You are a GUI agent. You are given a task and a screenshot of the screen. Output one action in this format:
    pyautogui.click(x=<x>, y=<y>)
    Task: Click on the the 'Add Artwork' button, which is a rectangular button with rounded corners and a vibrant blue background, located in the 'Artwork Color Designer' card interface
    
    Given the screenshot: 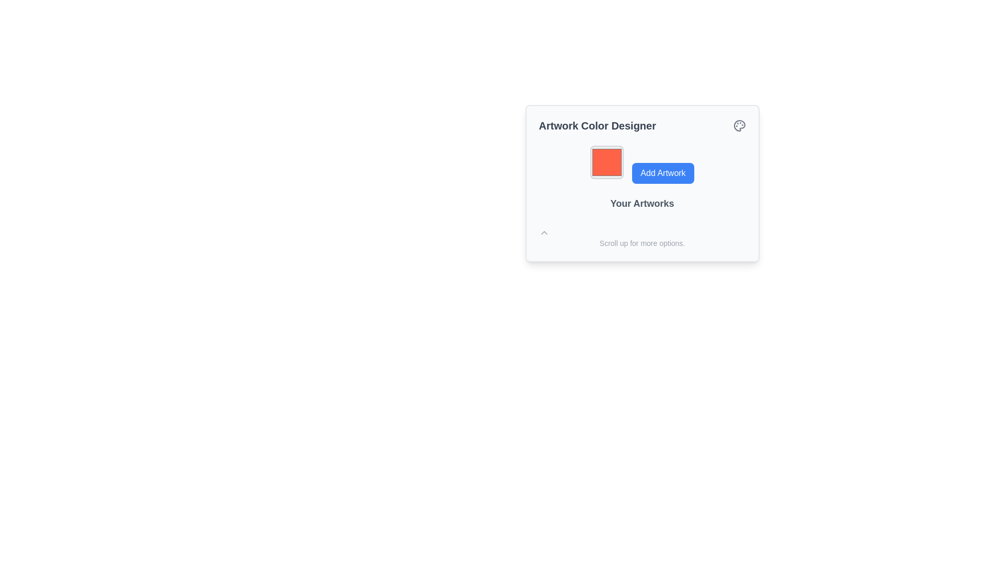 What is the action you would take?
    pyautogui.click(x=662, y=172)
    